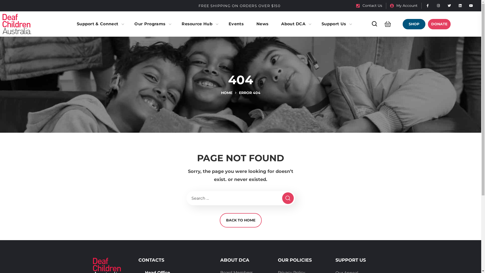 The height and width of the screenshot is (273, 485). What do you see at coordinates (414, 24) in the screenshot?
I see `'SHOP'` at bounding box center [414, 24].